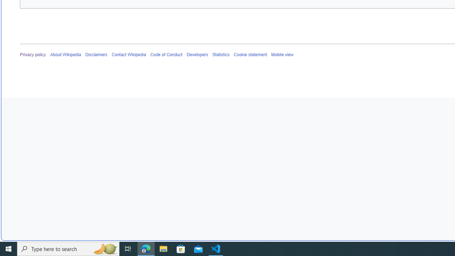 This screenshot has width=455, height=256. What do you see at coordinates (65, 54) in the screenshot?
I see `'About Wikipedia'` at bounding box center [65, 54].